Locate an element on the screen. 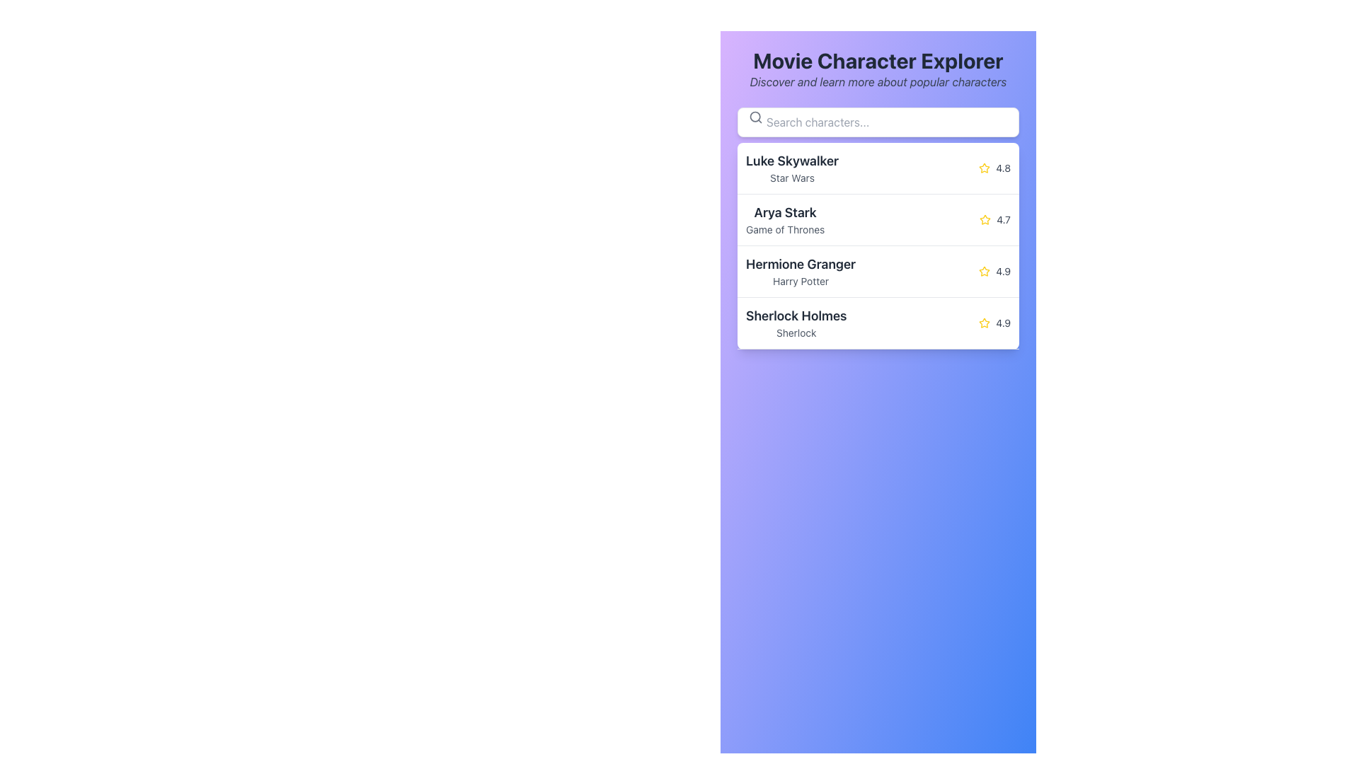  the text block displaying the character name 'Sherlock Holmes' is located at coordinates (796, 323).